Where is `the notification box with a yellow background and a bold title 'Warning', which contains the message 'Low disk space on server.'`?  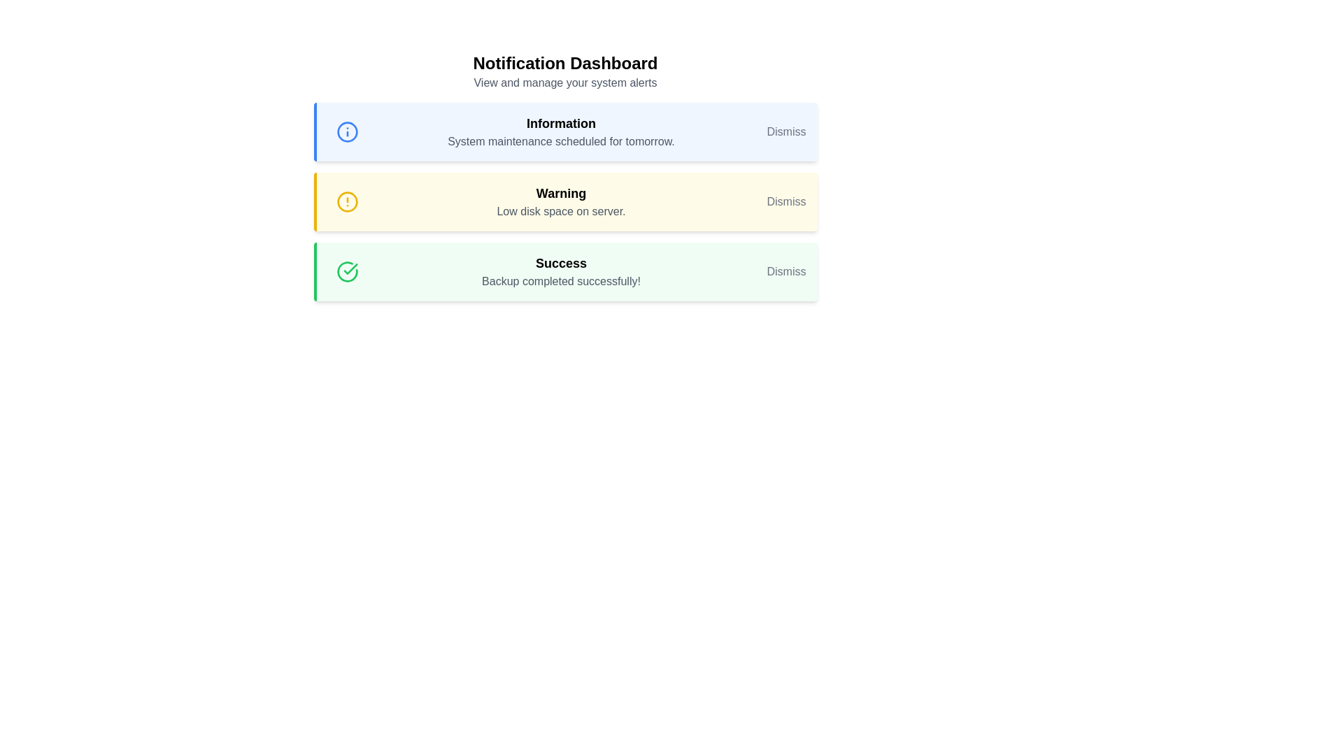 the notification box with a yellow background and a bold title 'Warning', which contains the message 'Low disk space on server.' is located at coordinates (565, 202).